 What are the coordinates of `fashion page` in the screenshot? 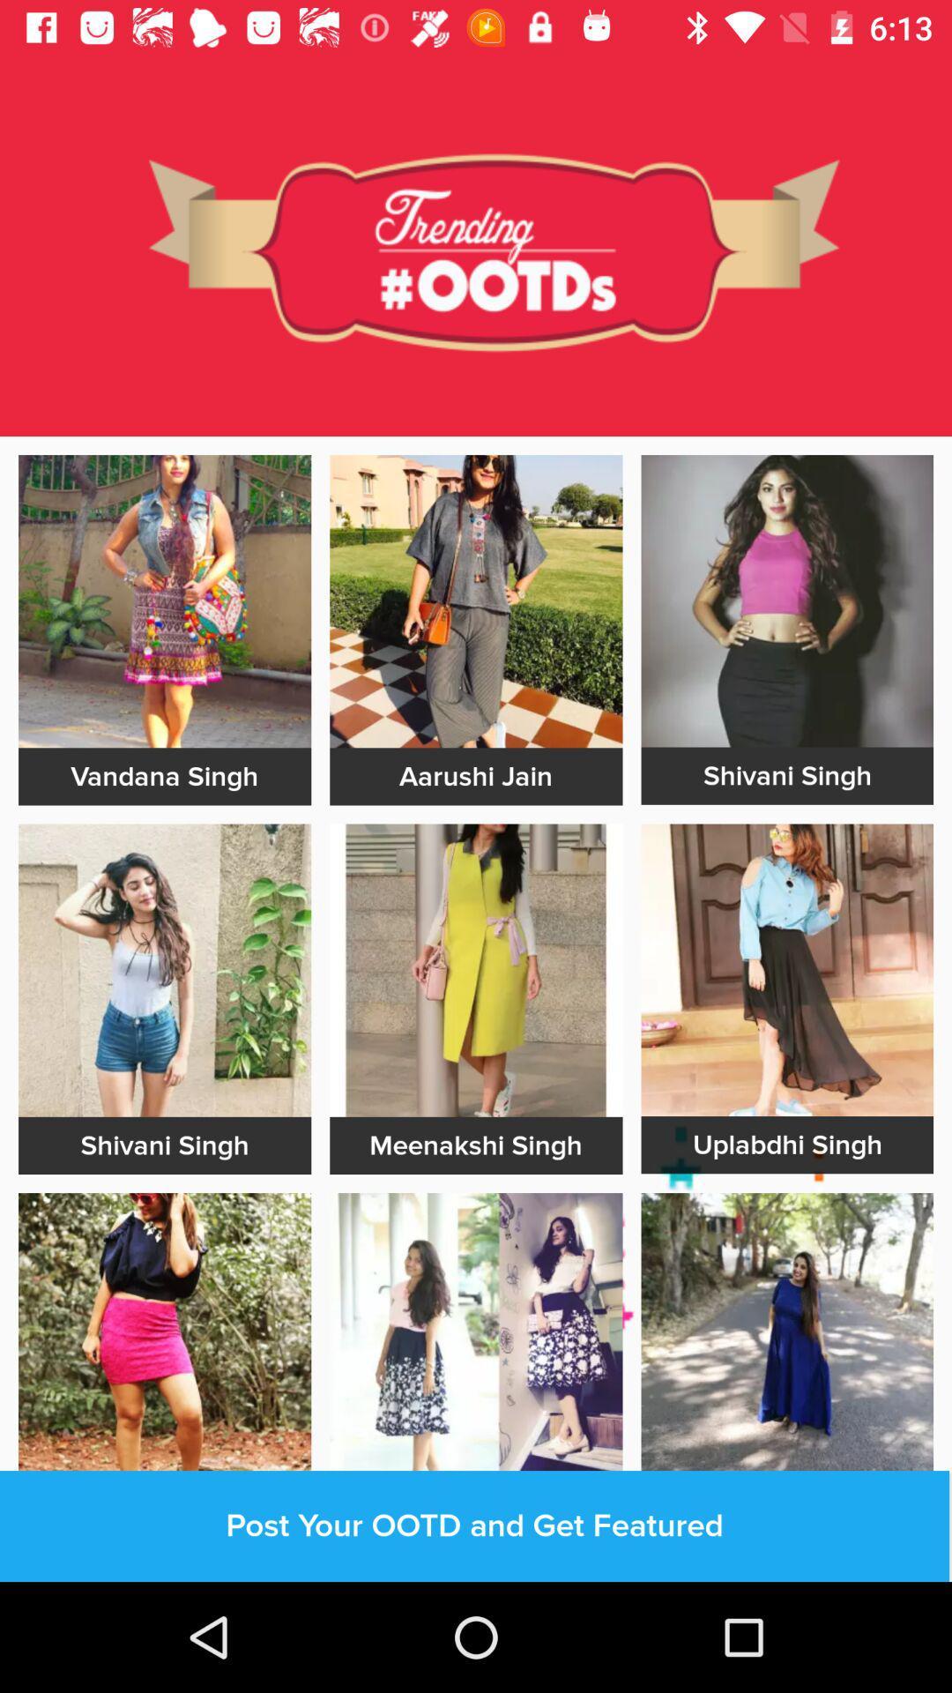 It's located at (165, 601).